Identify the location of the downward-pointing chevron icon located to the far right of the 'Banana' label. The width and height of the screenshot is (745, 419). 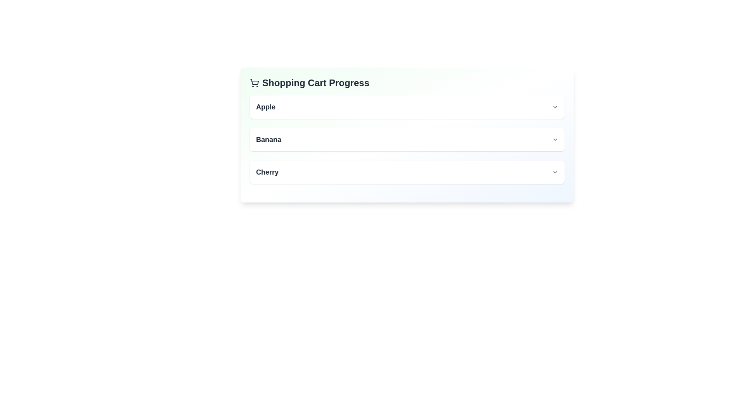
(554, 139).